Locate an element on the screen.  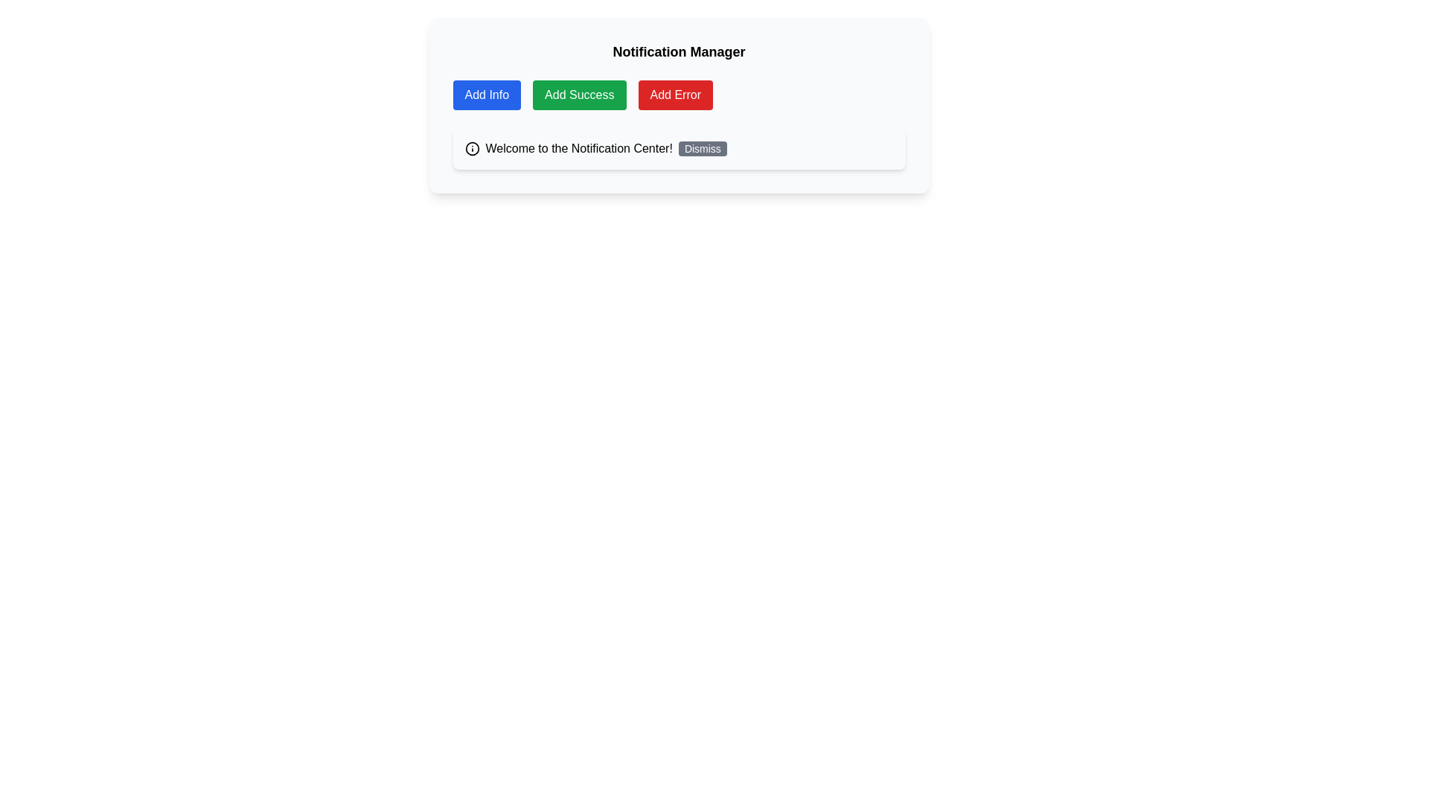
the success message button located between the blue 'Add Info' button and the red 'Add Error' button under the 'Notification Manager' title is located at coordinates (578, 95).